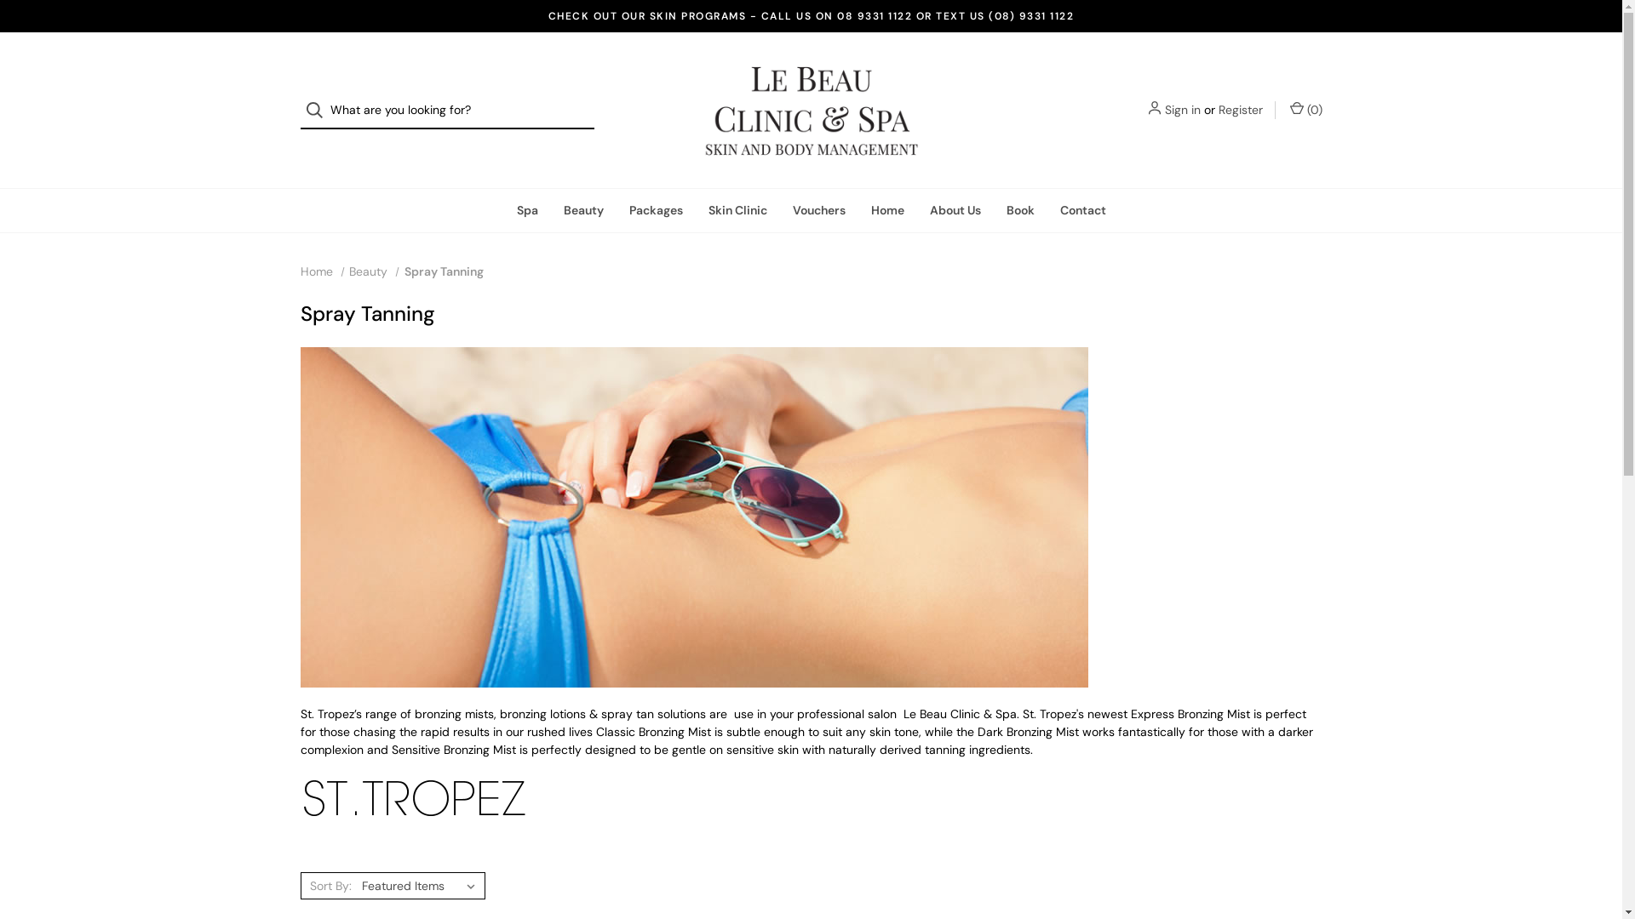 Image resolution: width=1635 pixels, height=919 pixels. I want to click on 'Spa', so click(526, 209).